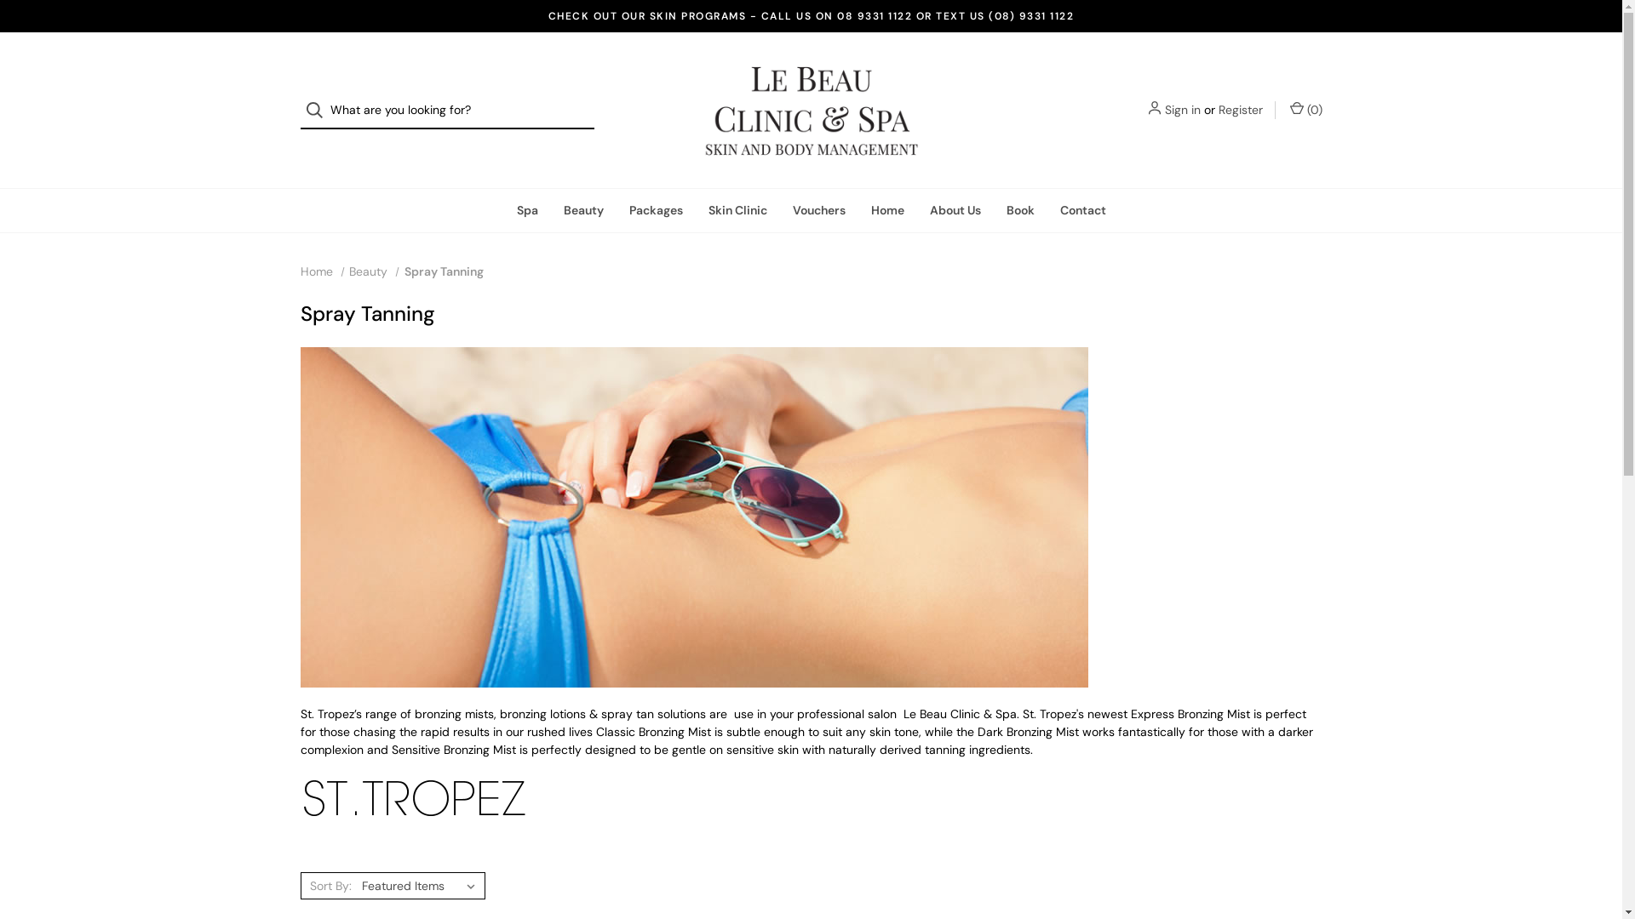 Image resolution: width=1635 pixels, height=919 pixels. I want to click on 'Spa', so click(526, 209).